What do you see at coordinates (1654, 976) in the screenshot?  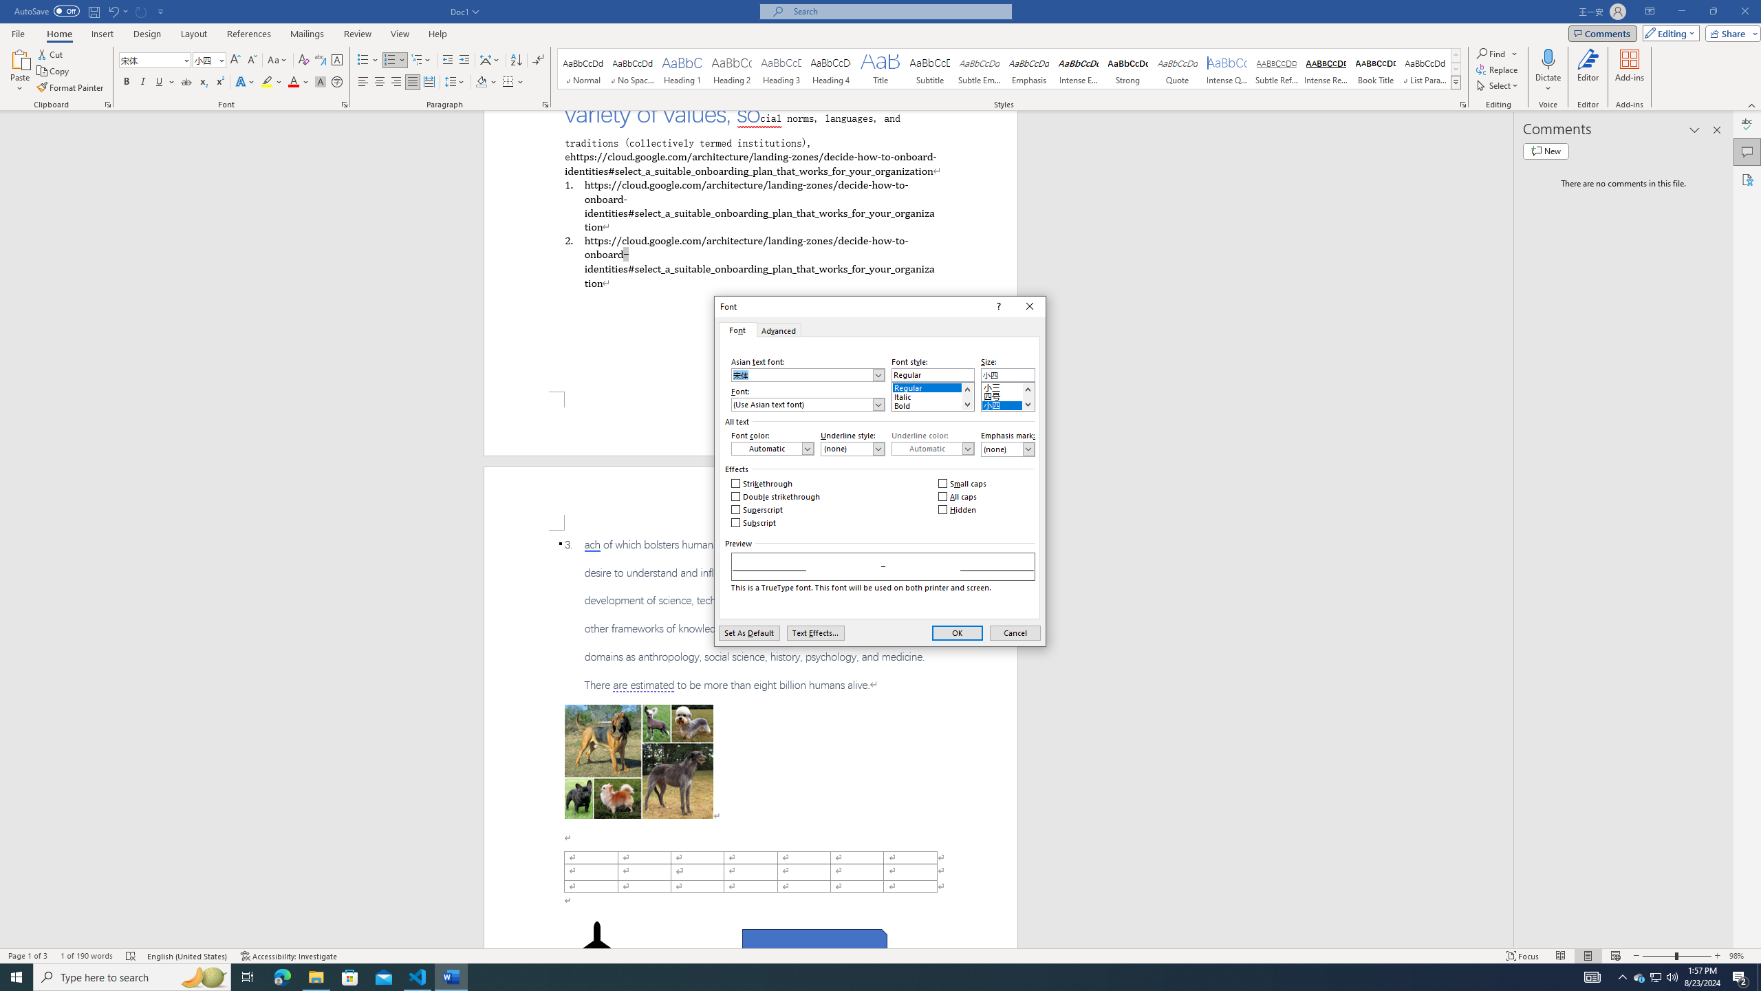 I see `'User Promoted Notification Area'` at bounding box center [1654, 976].